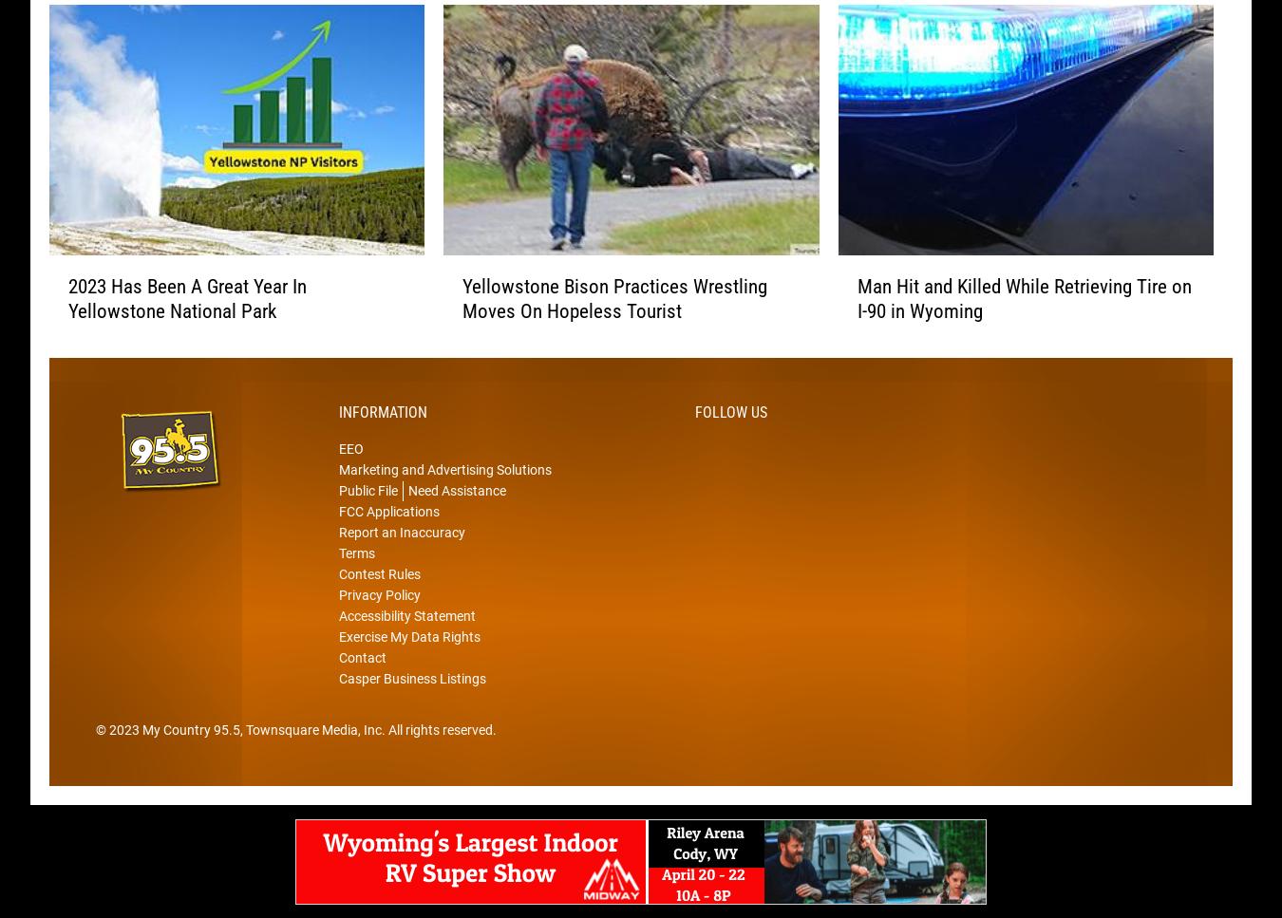  I want to click on 'FCC Applications', so click(388, 540).